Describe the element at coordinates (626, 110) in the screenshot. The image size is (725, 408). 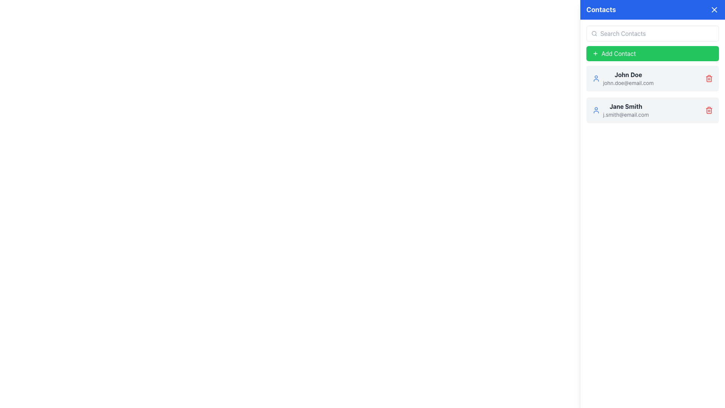
I see `contact information displayed for 'Jane Smith', which includes the name and email address in the second contact card of the UI, located below the card for 'John Doe'` at that location.